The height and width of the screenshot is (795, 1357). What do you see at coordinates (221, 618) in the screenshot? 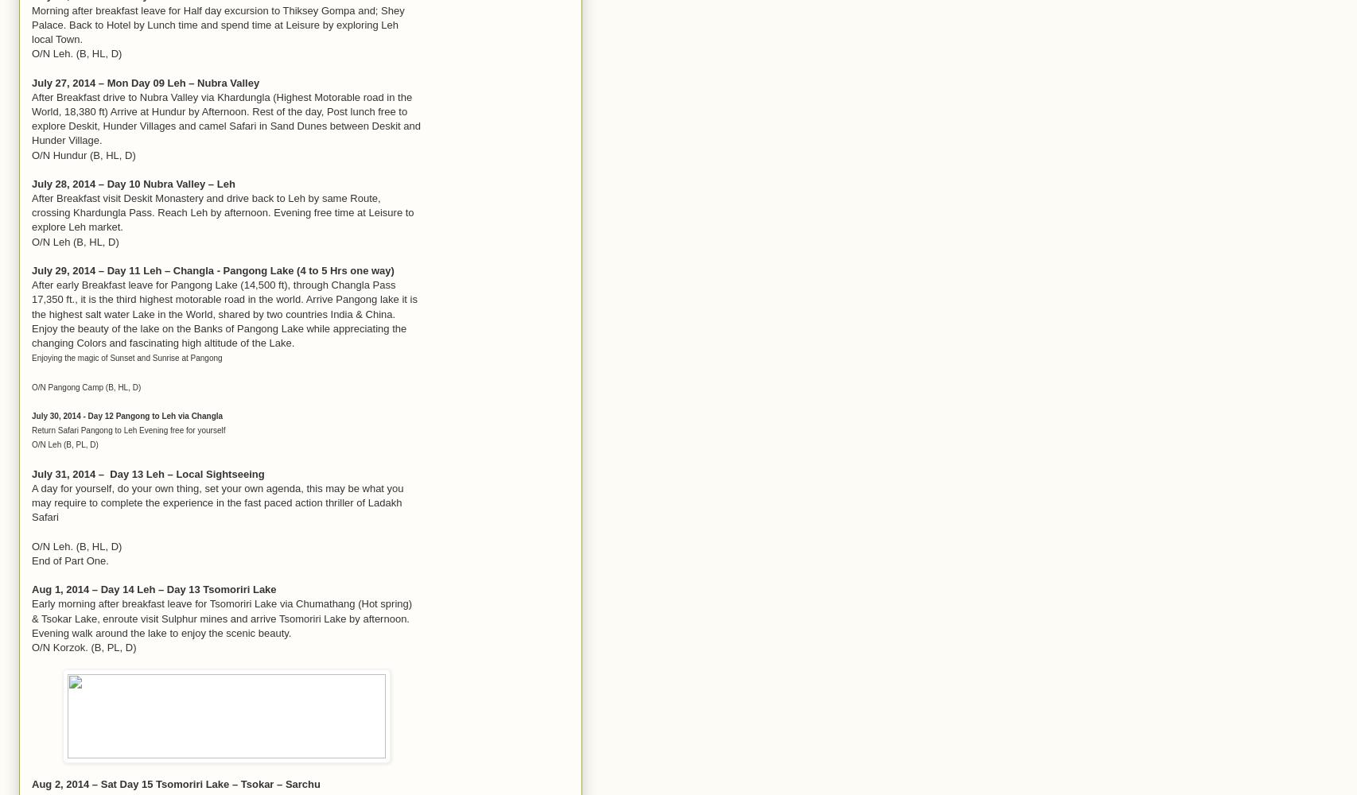
I see `'Early morning after breakfast leave for Tsomoriri Lake via Chumathang (Hot spring) & Tsokar Lake, enroute visit Sulphur mines and arrive Tsomoriri Lake by afternoon. Evening walk around the lake to enjoy the scenic beauty.'` at bounding box center [221, 618].